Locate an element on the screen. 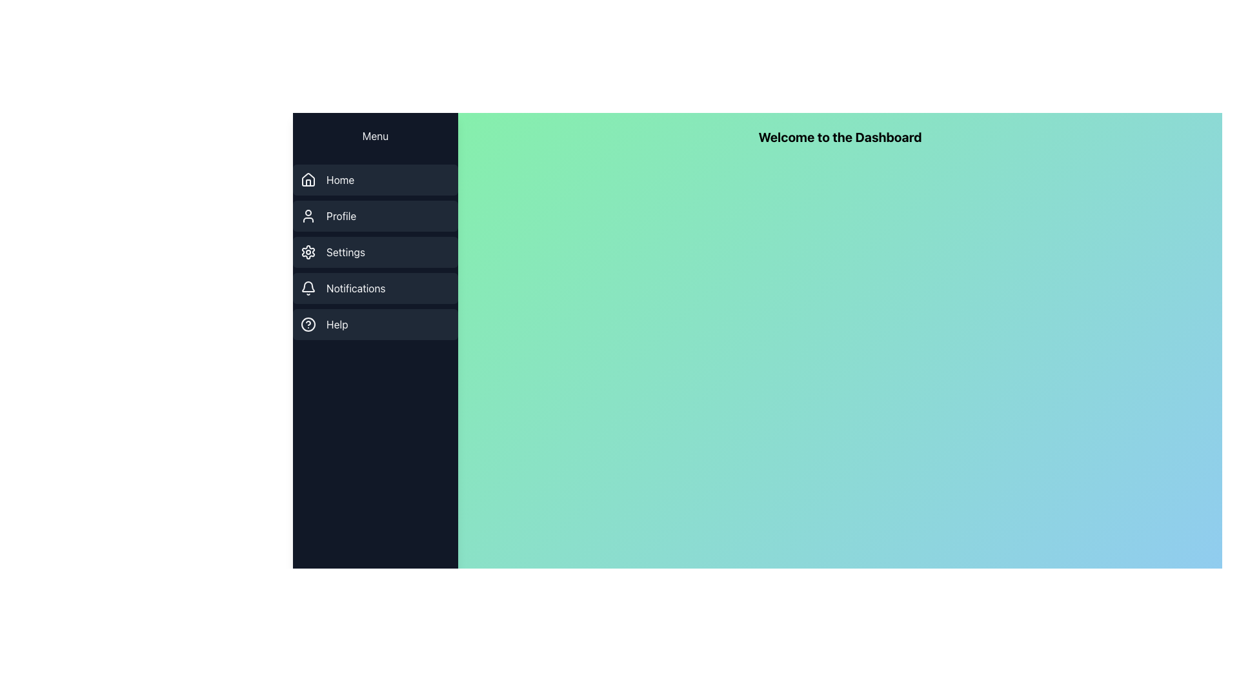  the 'Notifications' button, which is a dark gray rectangular button with a white bell icon and text, located in the sidebar menu is located at coordinates (374, 288).